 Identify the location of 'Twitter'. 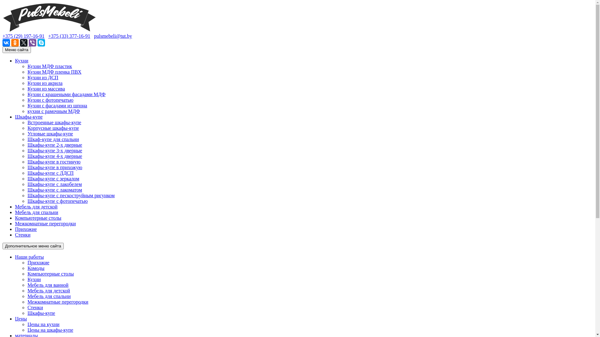
(24, 42).